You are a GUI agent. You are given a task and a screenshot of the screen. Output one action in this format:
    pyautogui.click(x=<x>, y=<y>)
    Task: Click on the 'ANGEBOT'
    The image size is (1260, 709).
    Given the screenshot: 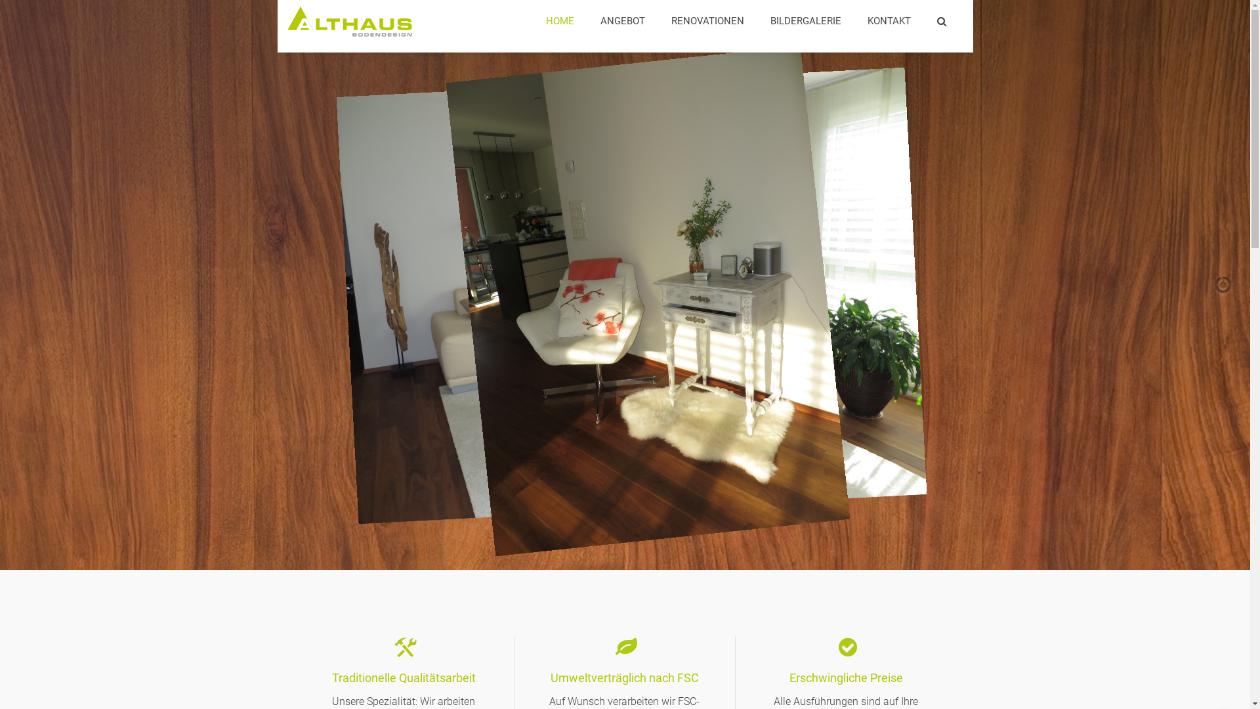 What is the action you would take?
    pyautogui.click(x=621, y=21)
    